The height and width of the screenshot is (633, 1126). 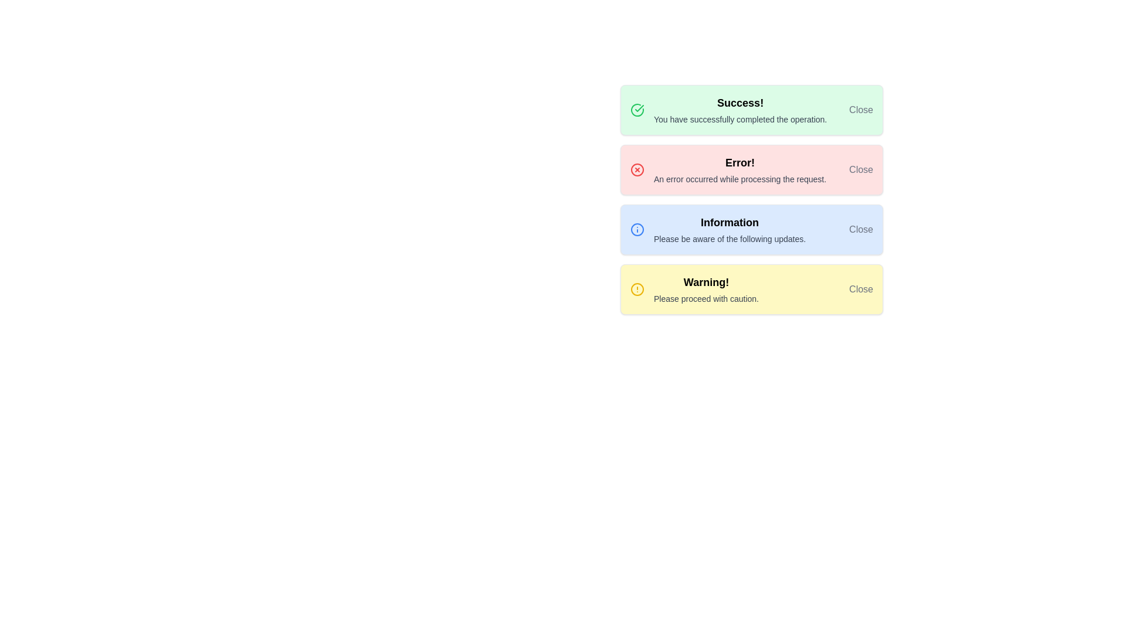 What do you see at coordinates (636, 230) in the screenshot?
I see `the SVG circle element indicating 'Information' notification, located in the third position from the top in the visible list` at bounding box center [636, 230].